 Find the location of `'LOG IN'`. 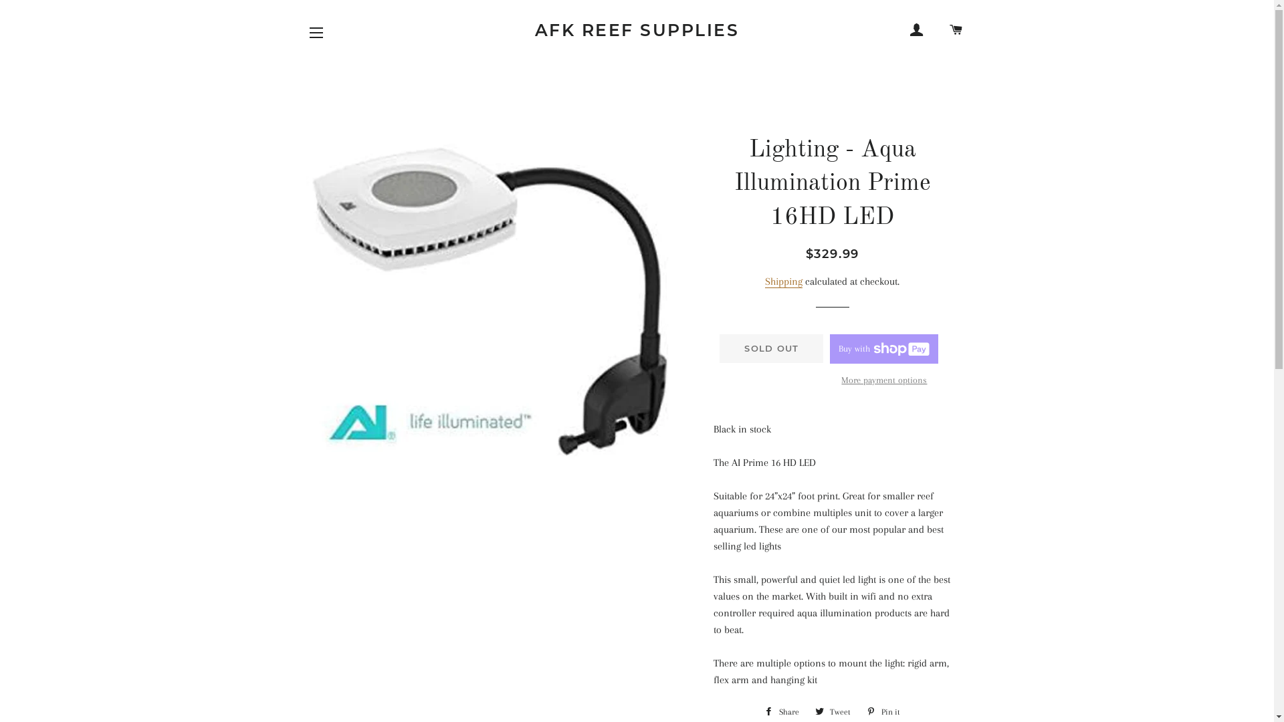

'LOG IN' is located at coordinates (916, 30).